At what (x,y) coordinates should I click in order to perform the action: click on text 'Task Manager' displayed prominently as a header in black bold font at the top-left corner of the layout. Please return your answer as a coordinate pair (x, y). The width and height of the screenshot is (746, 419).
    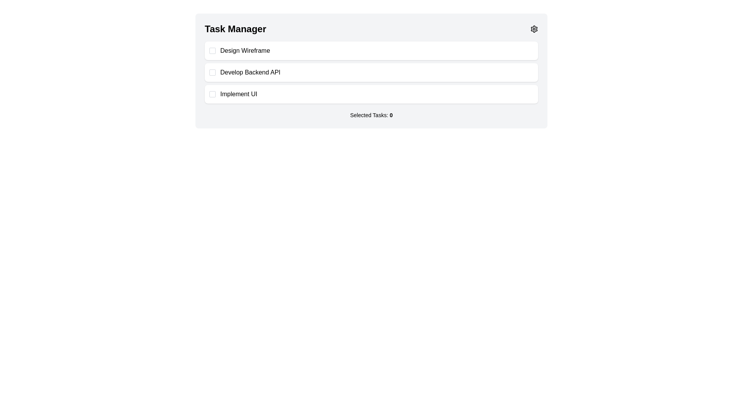
    Looking at the image, I should click on (235, 28).